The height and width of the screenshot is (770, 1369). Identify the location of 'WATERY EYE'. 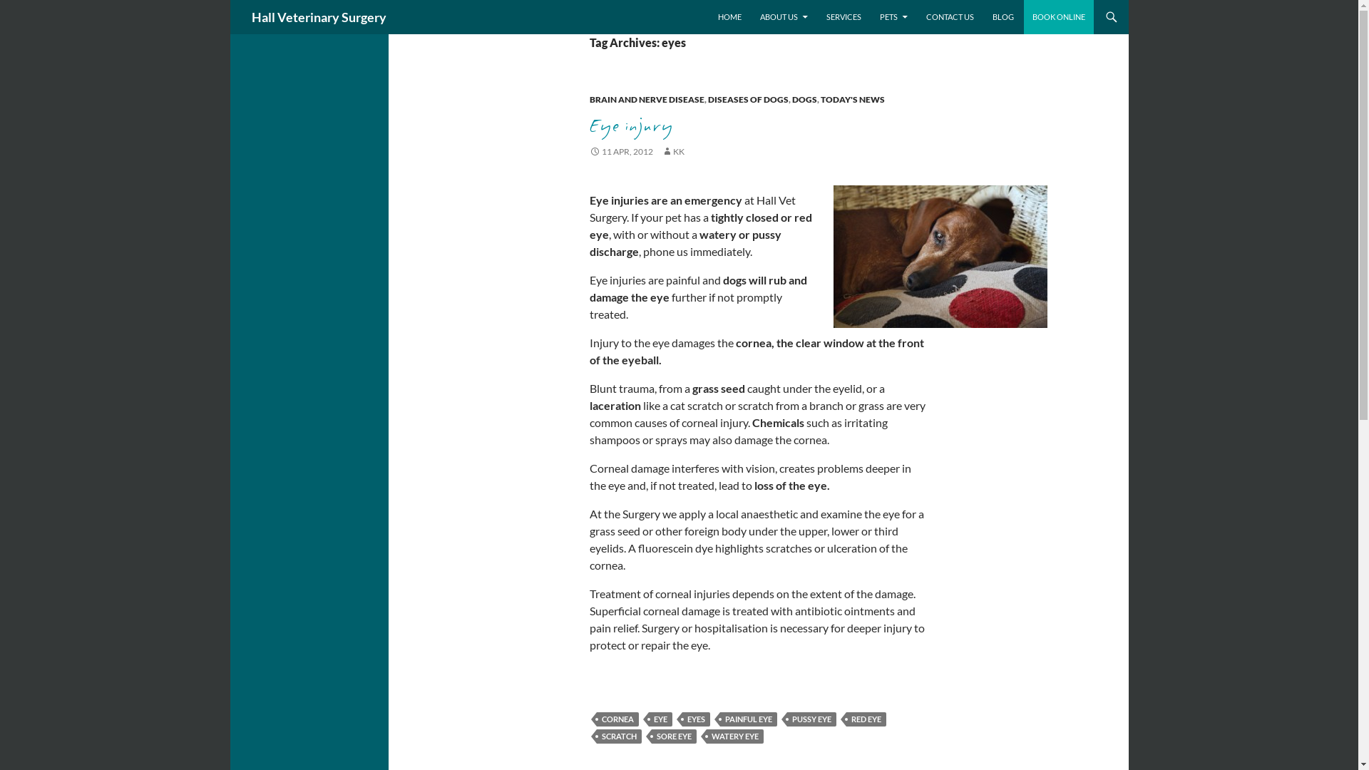
(734, 736).